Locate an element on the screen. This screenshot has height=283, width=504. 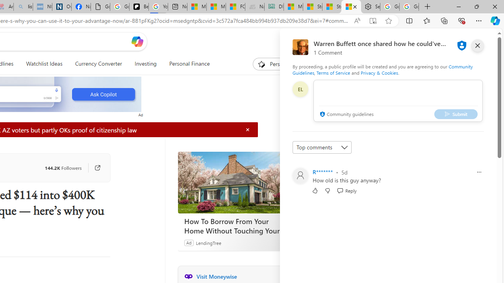
'Currency Converter' is located at coordinates (98, 64).